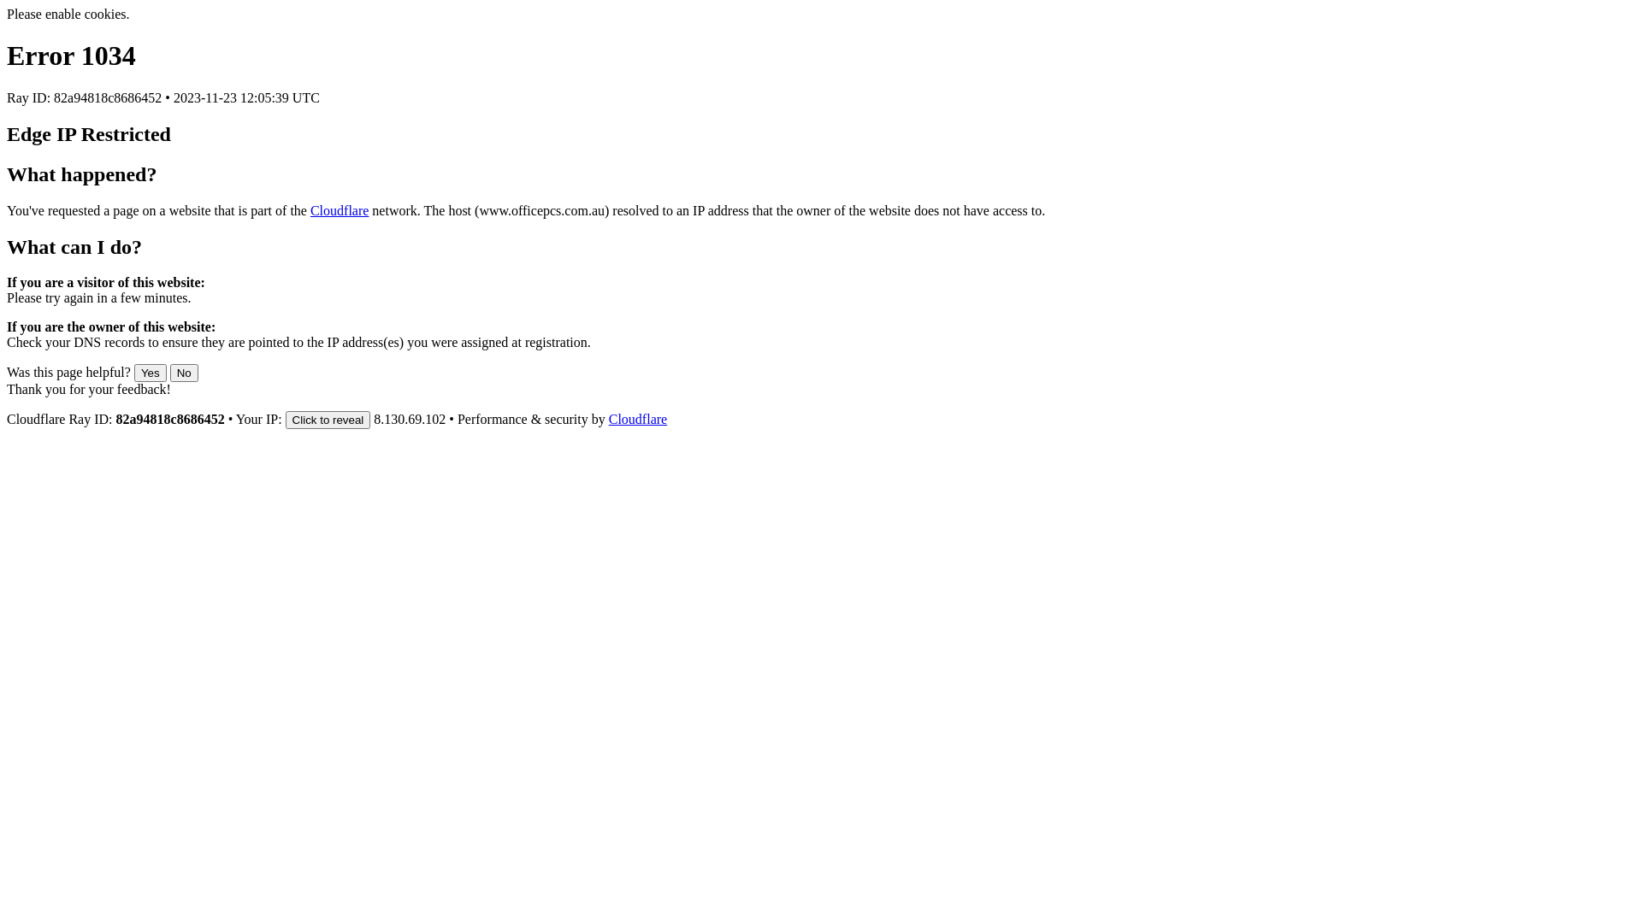 The image size is (1642, 923). What do you see at coordinates (636, 419) in the screenshot?
I see `'Cloudflare'` at bounding box center [636, 419].